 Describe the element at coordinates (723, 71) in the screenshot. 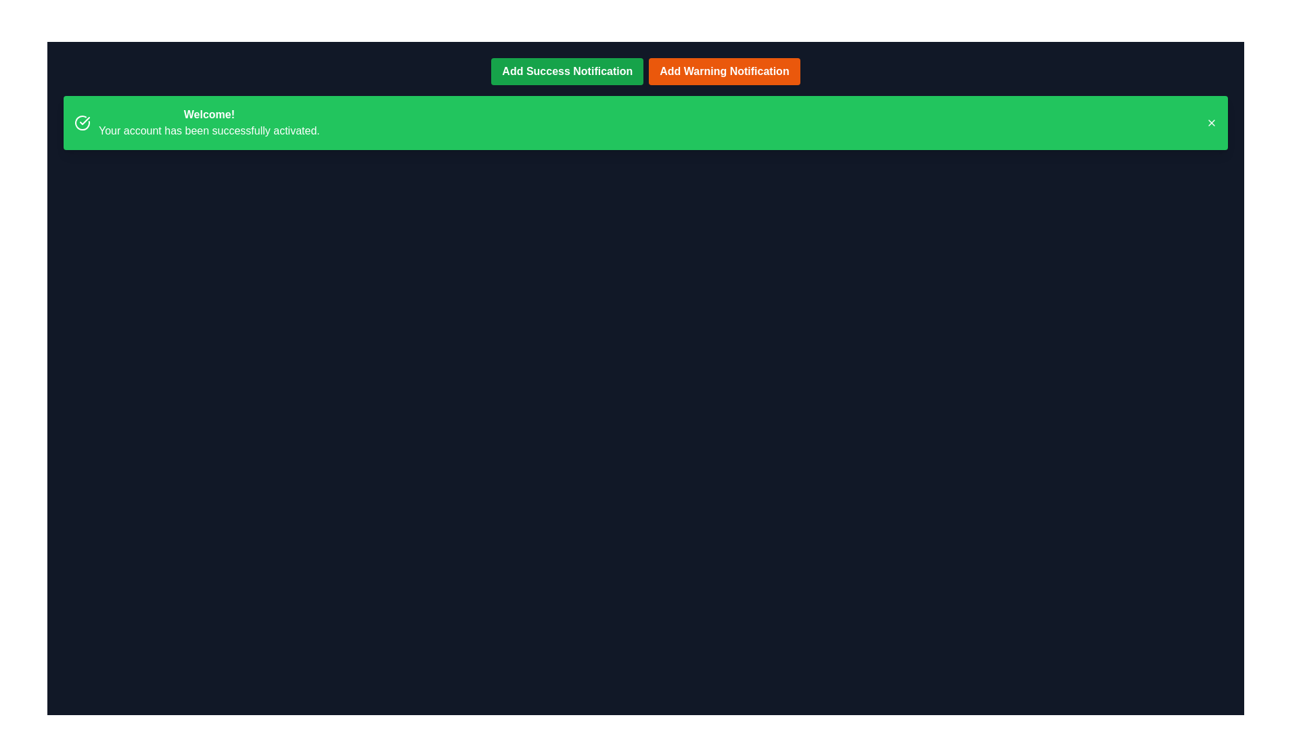

I see `the orange 'Add Warning Notification' button` at that location.